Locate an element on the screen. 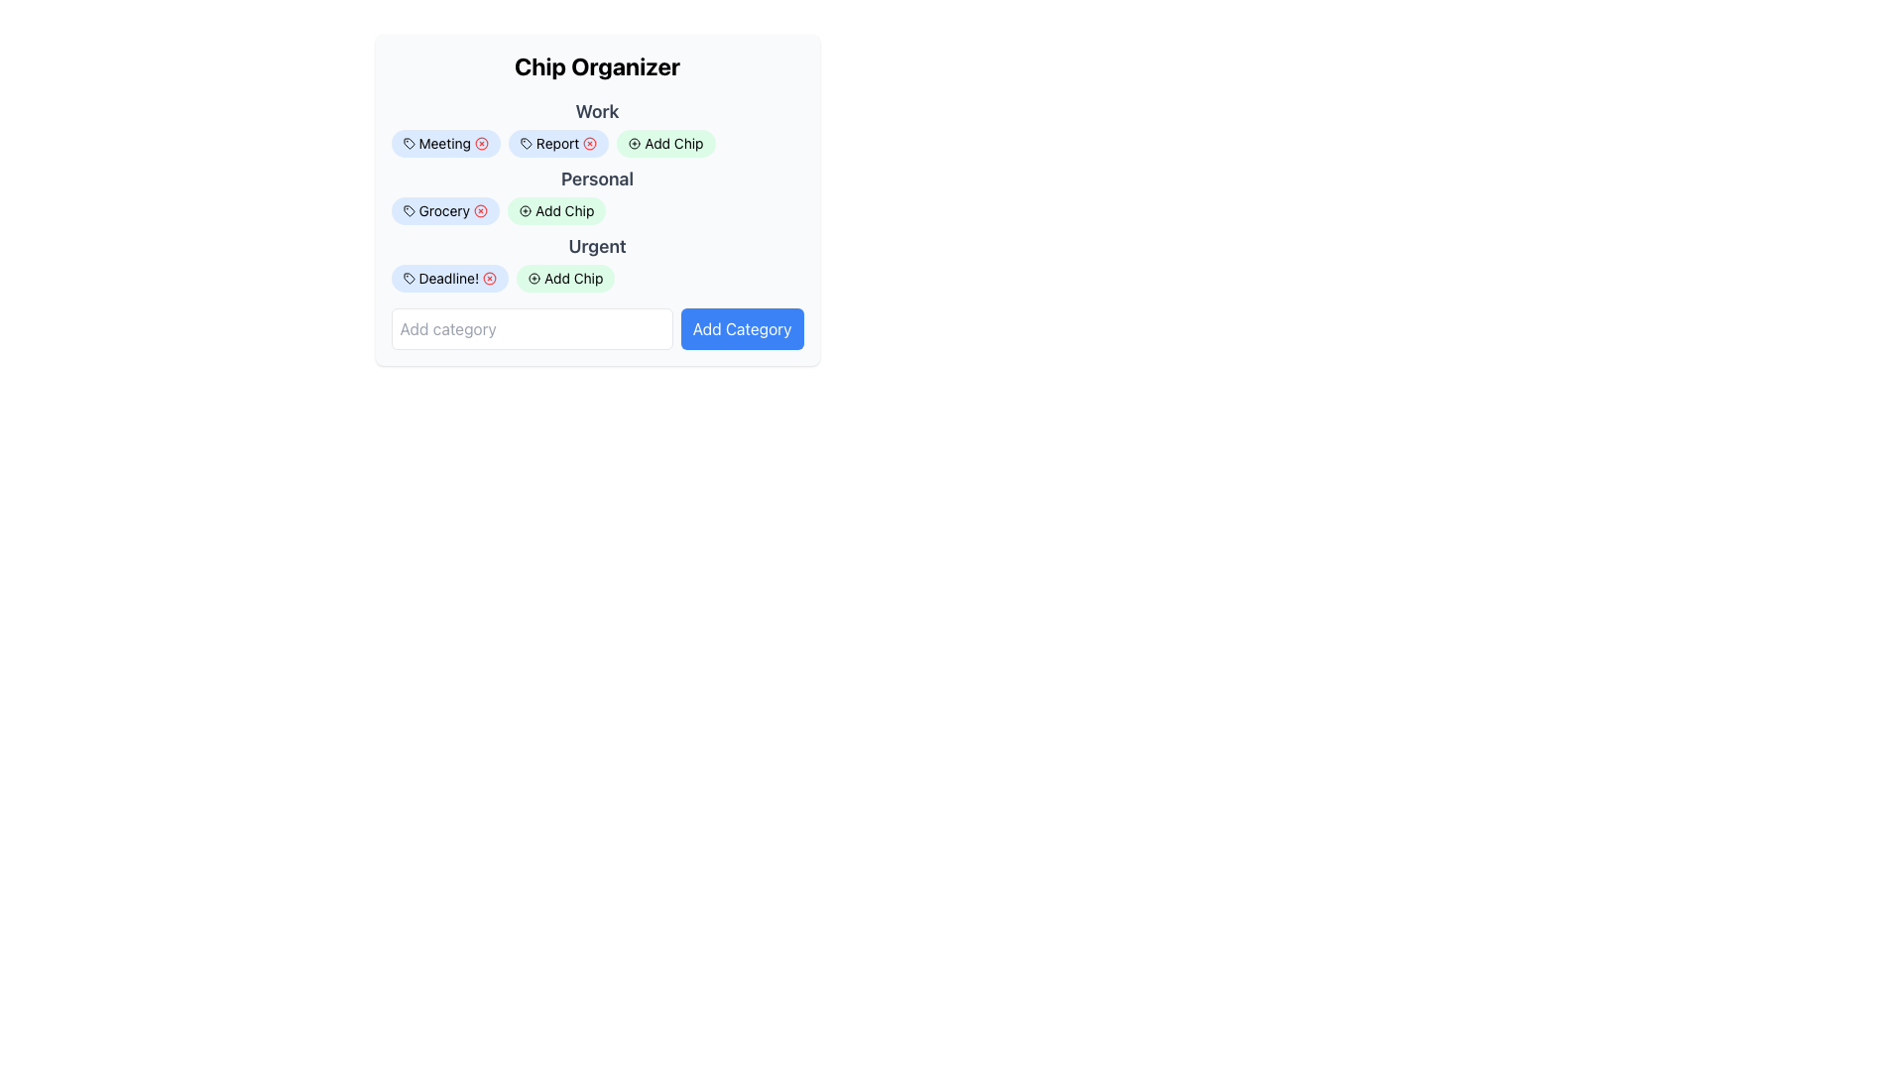  the small circular icon button with a plus sign (+) labeled 'Add Chip' in the second row under the 'Personal' section is located at coordinates (526, 210).